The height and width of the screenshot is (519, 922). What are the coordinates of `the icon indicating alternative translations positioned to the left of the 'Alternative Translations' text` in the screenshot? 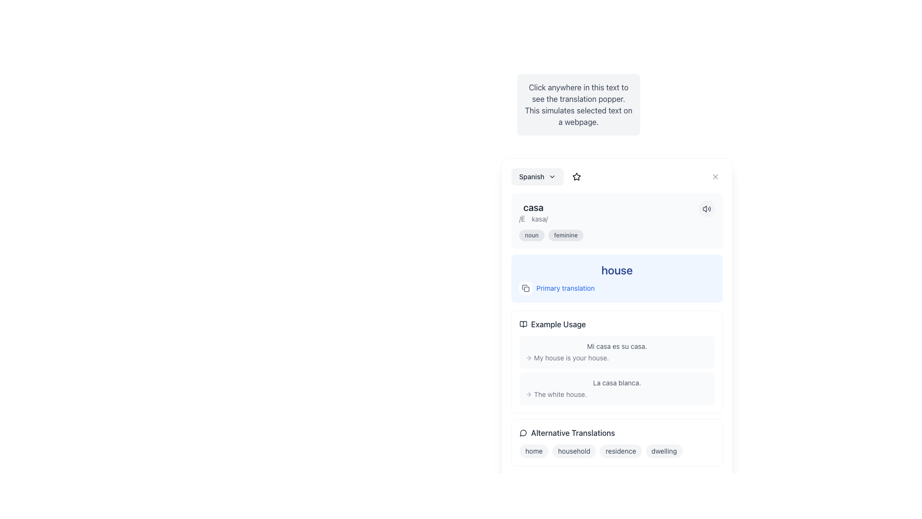 It's located at (522, 433).